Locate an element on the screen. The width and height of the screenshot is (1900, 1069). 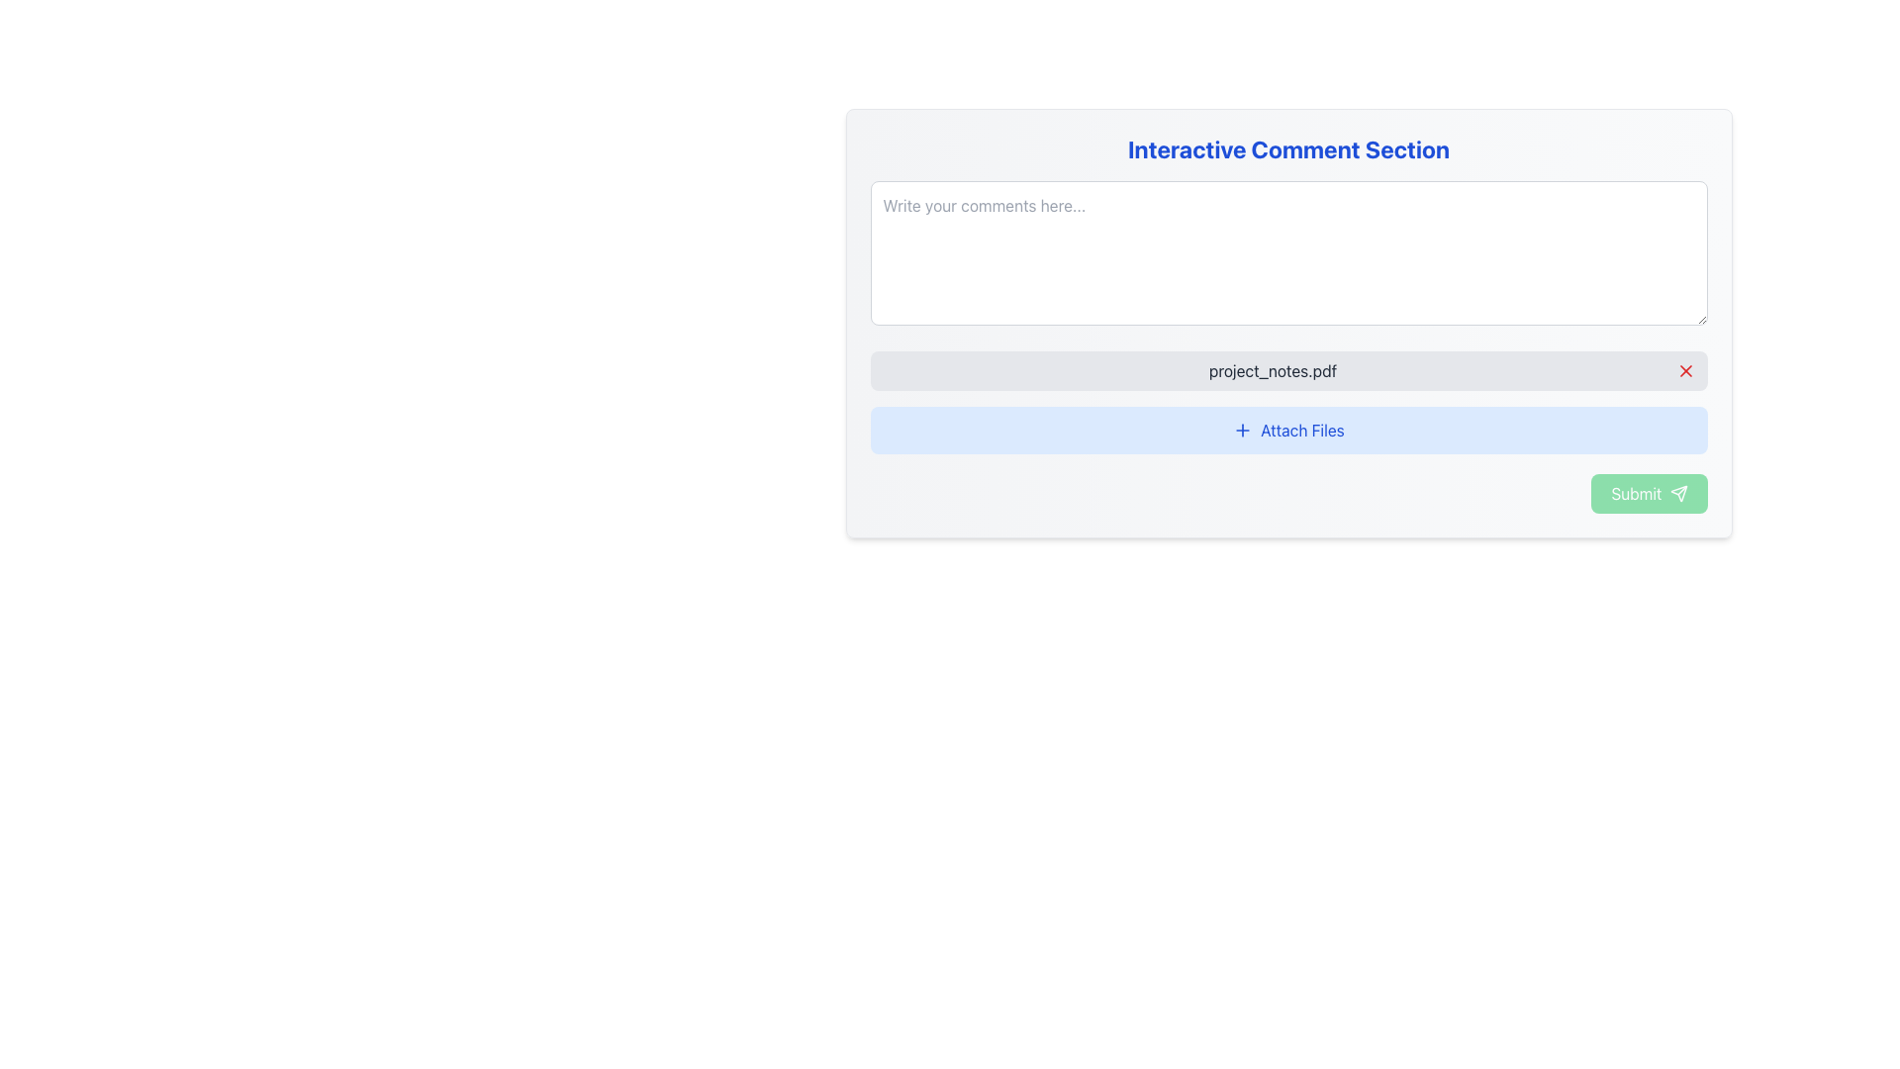
the 'X' shaped icon used to indicate a closing action, located adjacent to the file name 'project_notes.pdf' is located at coordinates (1684, 370).